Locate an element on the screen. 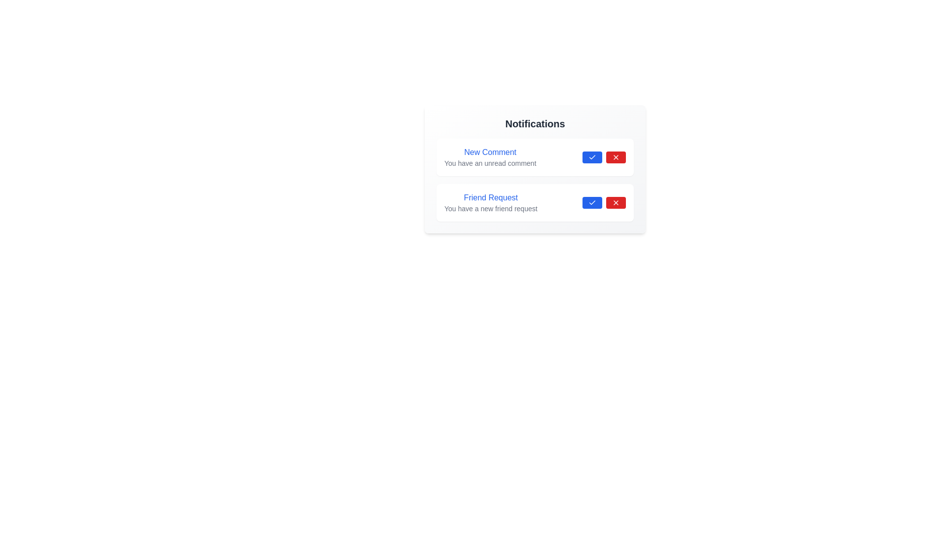 This screenshot has height=533, width=947. the 'Friend Request' notification element, which displays 'You have a new friend request' in a modern notification card design is located at coordinates (491, 202).